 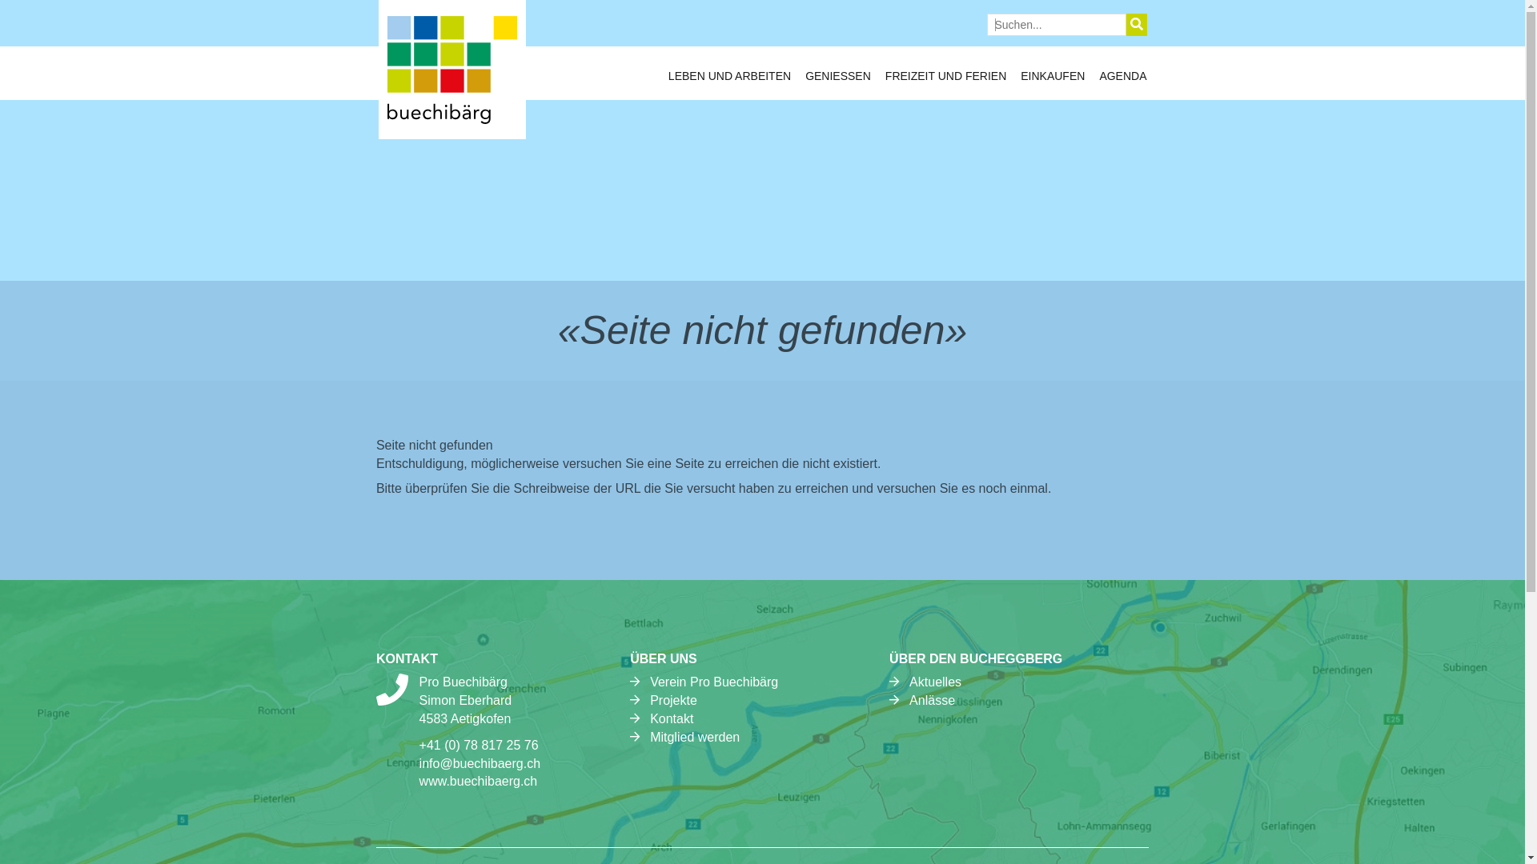 I want to click on 'GENIESSEN', so click(x=837, y=80).